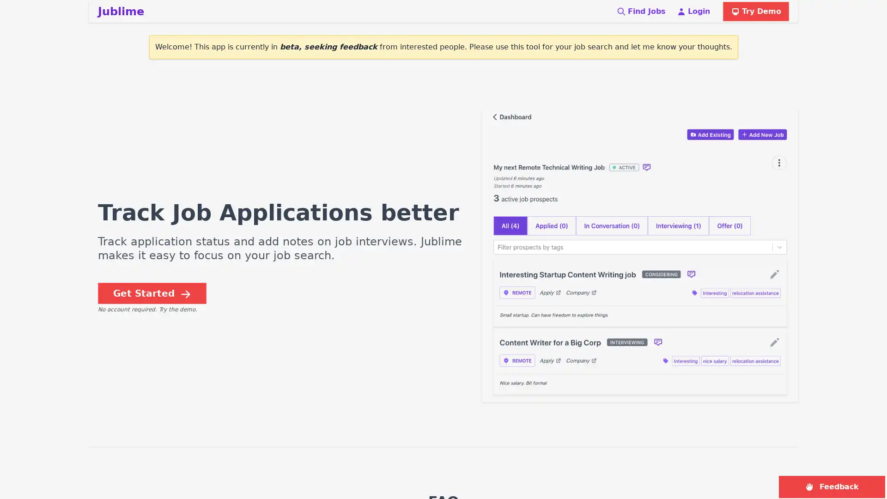  I want to click on Login, so click(693, 11).